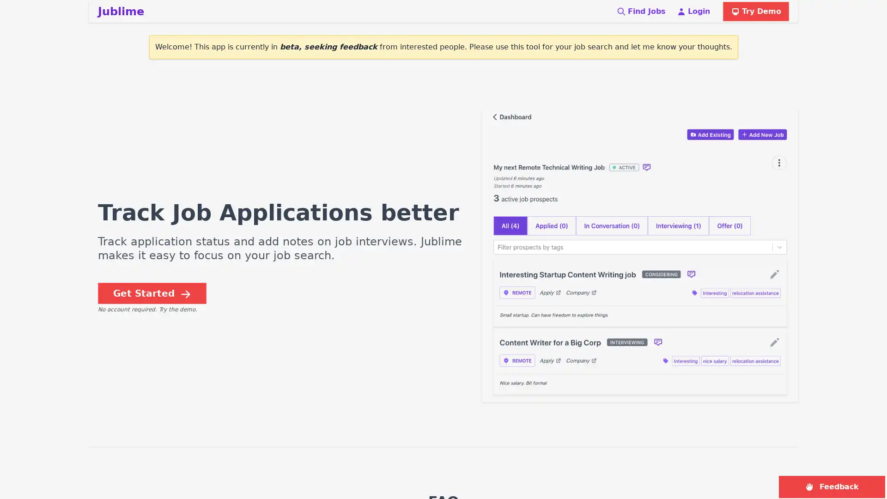  I want to click on Login, so click(693, 11).